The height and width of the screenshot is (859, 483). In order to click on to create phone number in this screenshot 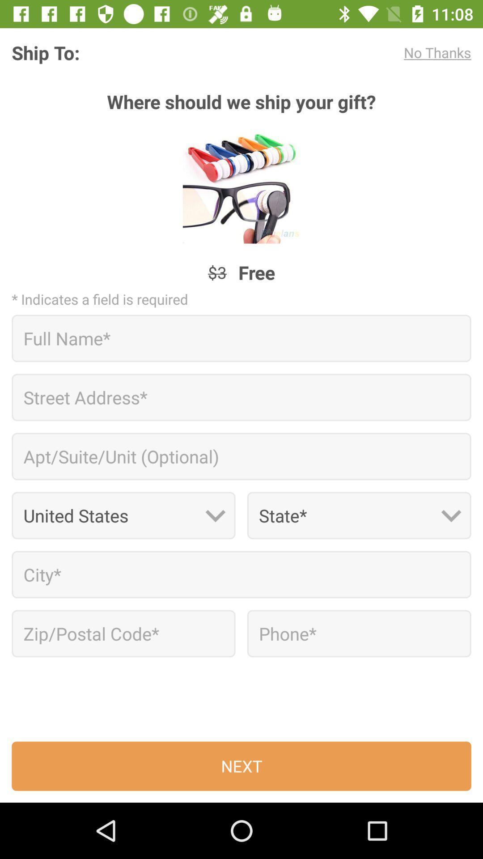, I will do `click(359, 633)`.